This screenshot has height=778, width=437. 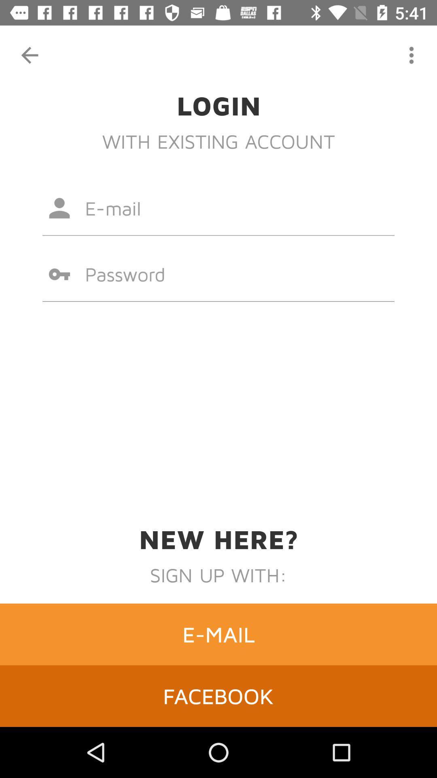 What do you see at coordinates (29, 55) in the screenshot?
I see `the item above login icon` at bounding box center [29, 55].